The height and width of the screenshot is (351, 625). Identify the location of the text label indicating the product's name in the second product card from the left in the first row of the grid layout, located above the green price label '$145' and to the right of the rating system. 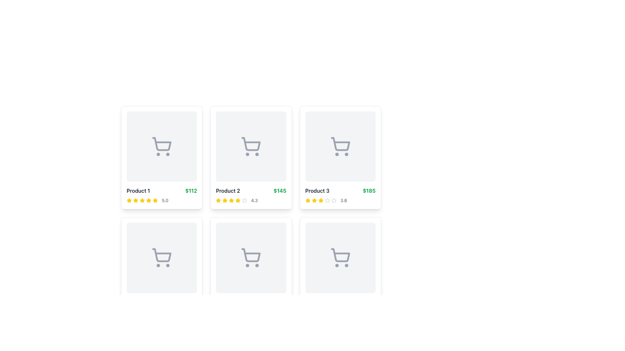
(228, 190).